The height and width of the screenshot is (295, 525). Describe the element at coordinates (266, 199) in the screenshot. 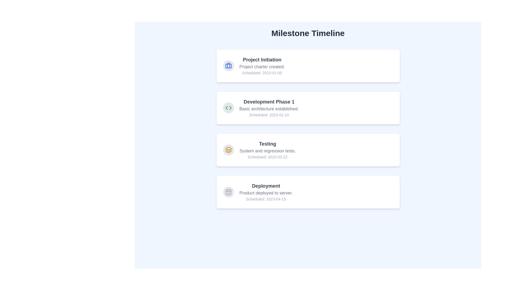

I see `text label that displays 'Scheduled: 2023-04-15' located in the bottom section of the milestone card labeled 'Deployment'` at that location.